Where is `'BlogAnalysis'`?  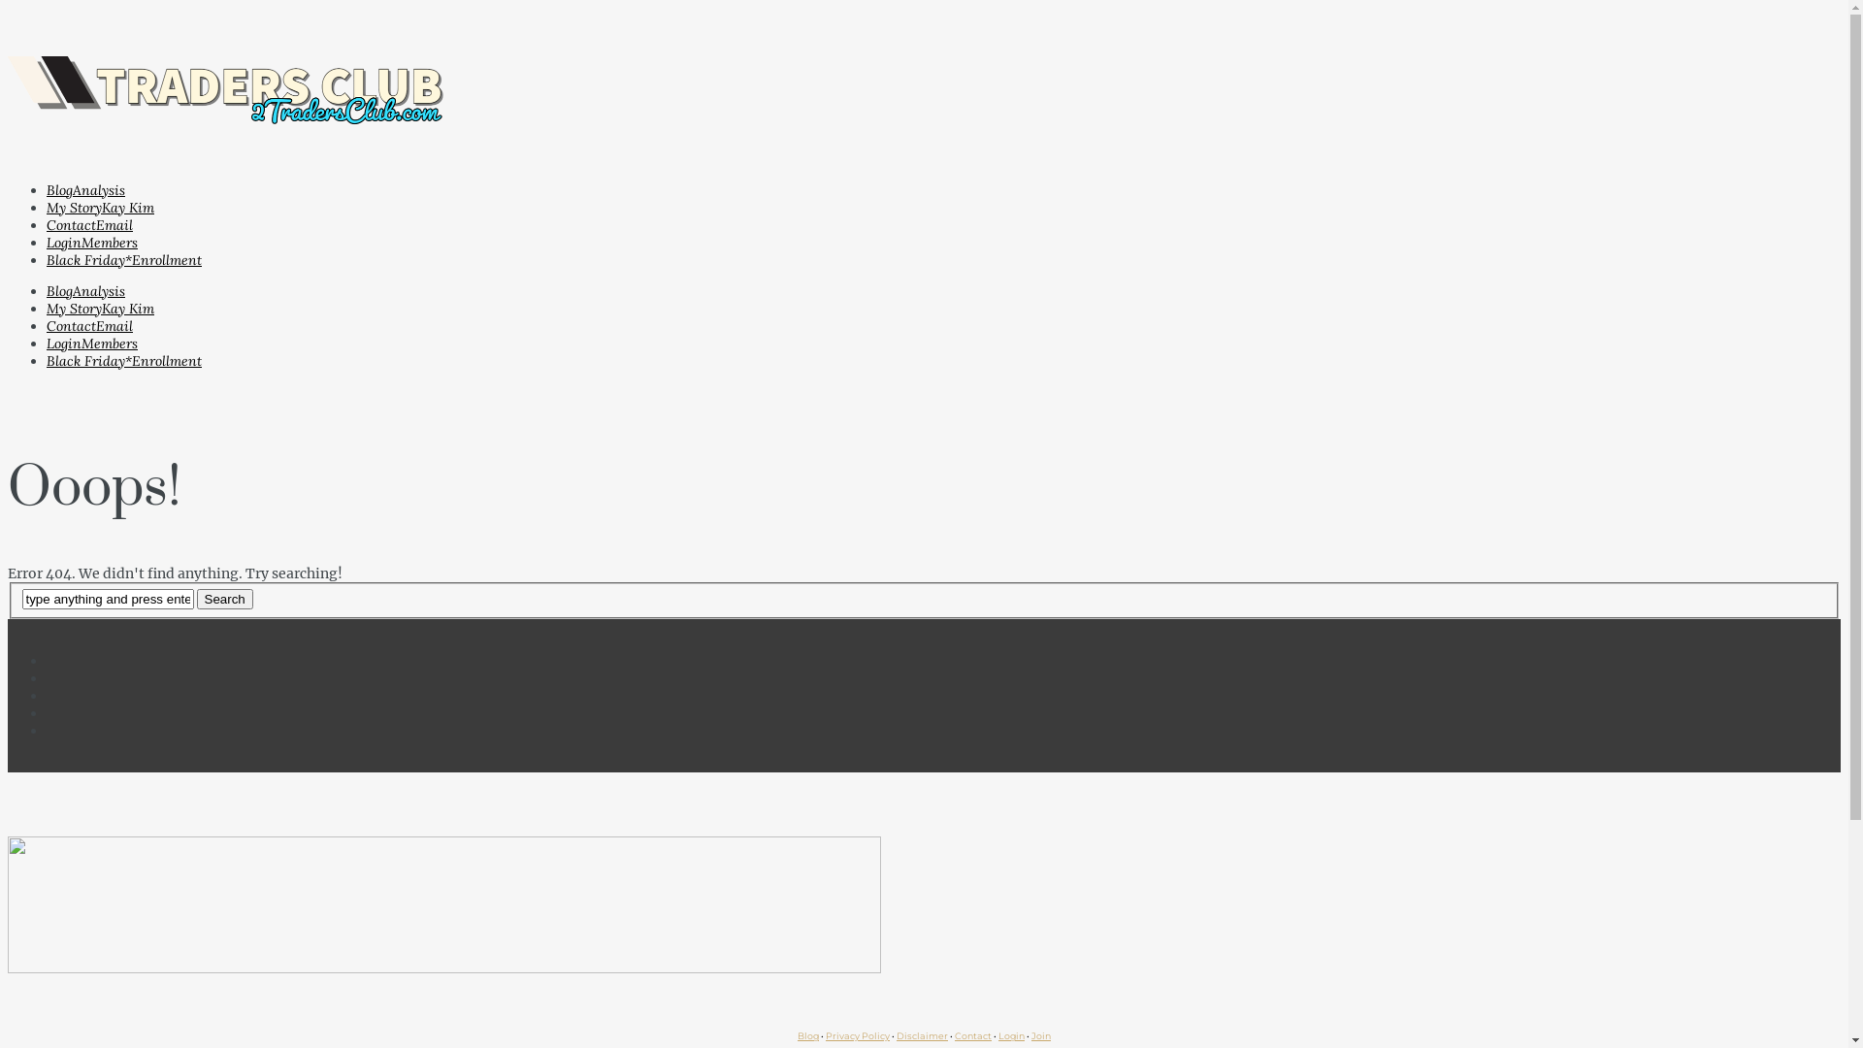
'BlogAnalysis' is located at coordinates (84, 290).